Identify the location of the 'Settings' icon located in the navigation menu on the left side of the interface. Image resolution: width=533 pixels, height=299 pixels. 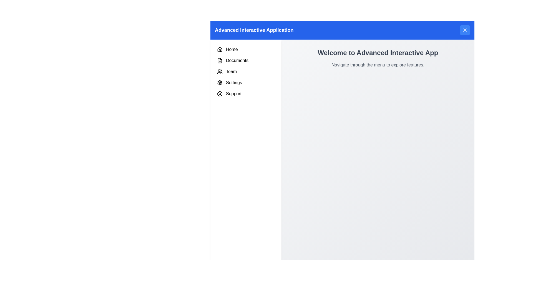
(220, 83).